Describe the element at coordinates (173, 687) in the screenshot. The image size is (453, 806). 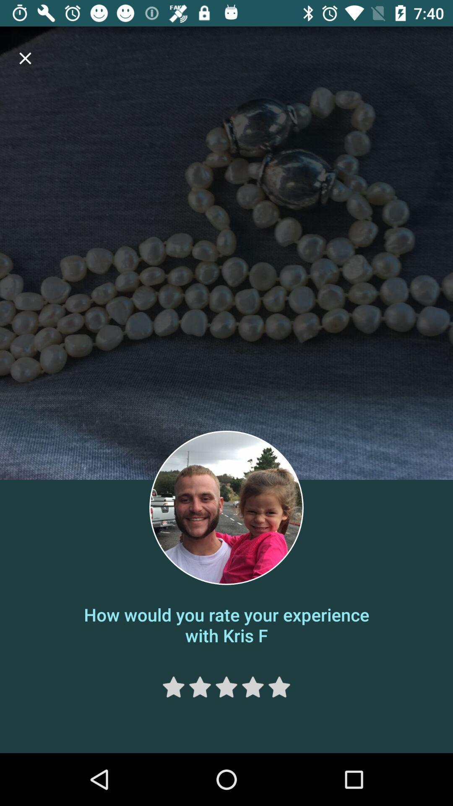
I see `the star icon` at that location.